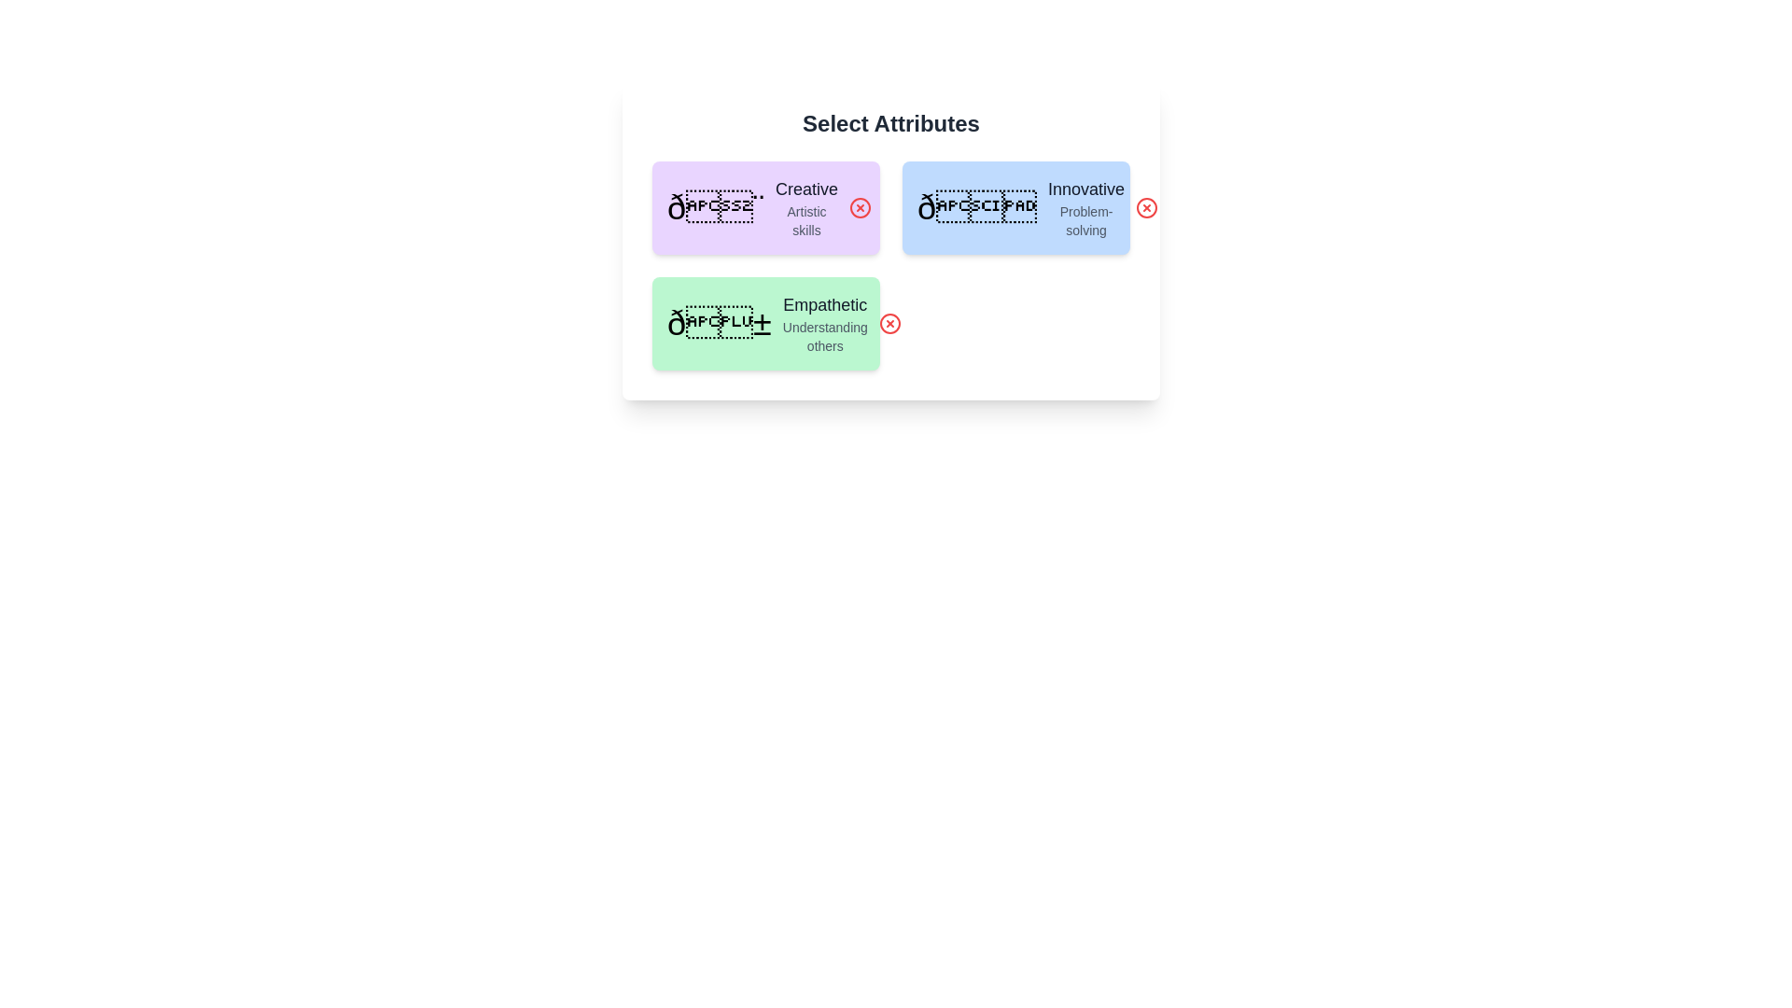  Describe the element at coordinates (859, 208) in the screenshot. I see `remove button for the attribute labeled Creative` at that location.